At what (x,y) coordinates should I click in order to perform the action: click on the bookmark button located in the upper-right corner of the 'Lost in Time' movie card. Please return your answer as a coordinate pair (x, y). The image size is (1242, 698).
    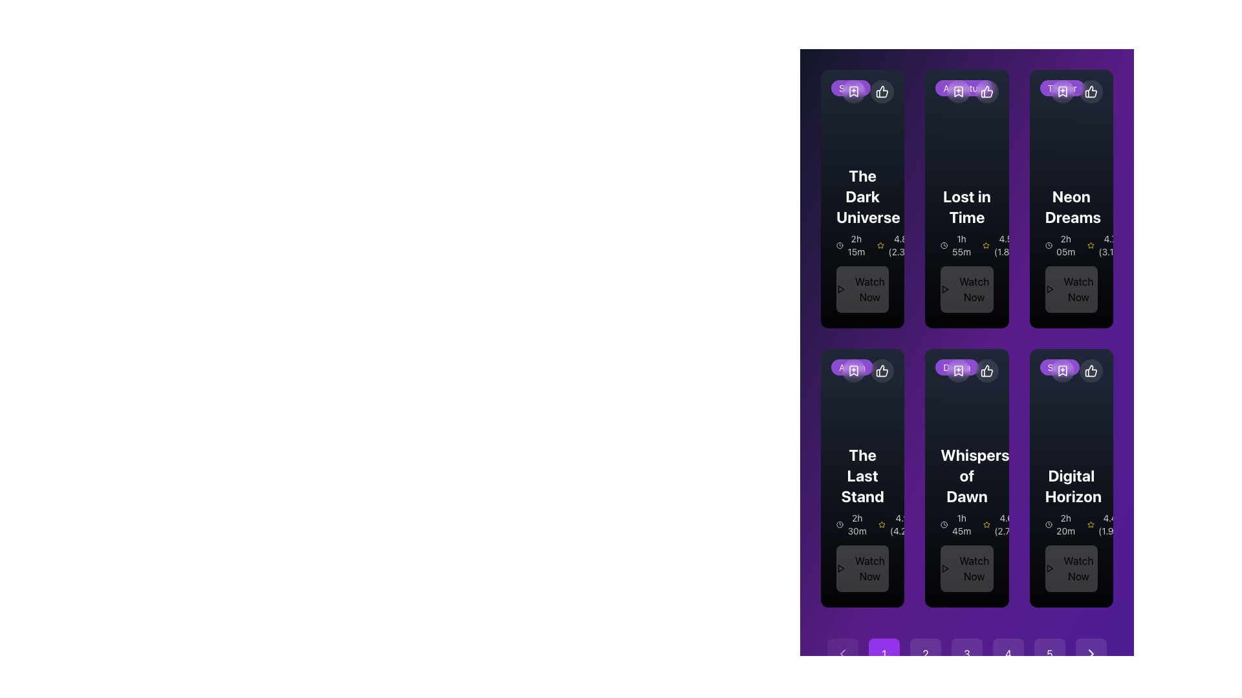
    Looking at the image, I should click on (972, 91).